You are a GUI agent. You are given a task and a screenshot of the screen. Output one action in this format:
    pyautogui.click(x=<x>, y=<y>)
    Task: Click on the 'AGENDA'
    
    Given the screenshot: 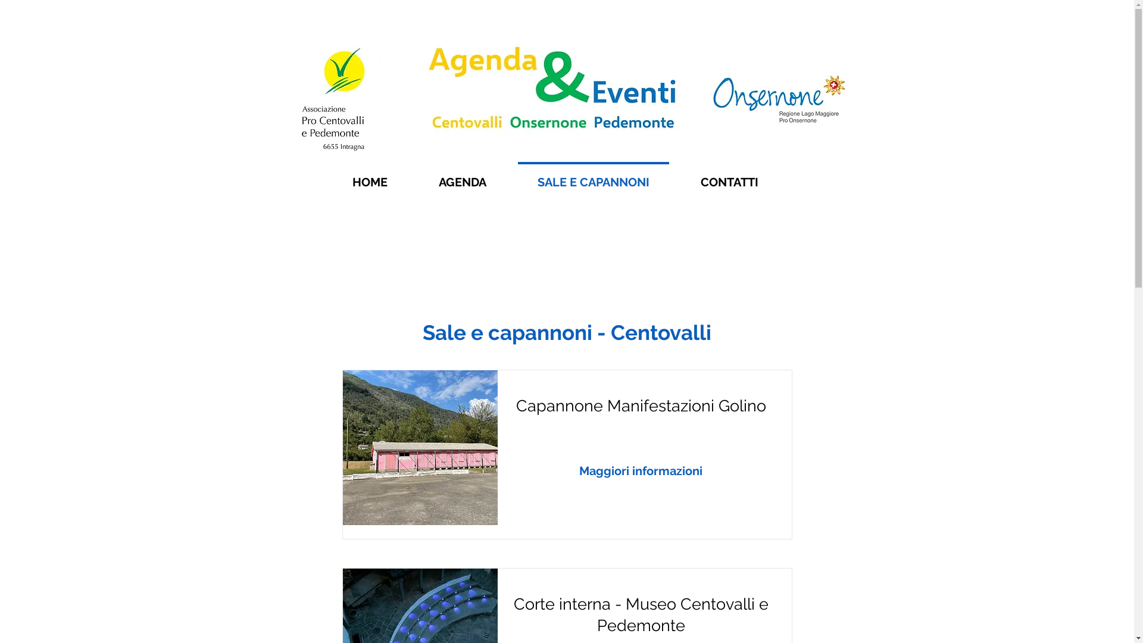 What is the action you would take?
    pyautogui.click(x=413, y=177)
    